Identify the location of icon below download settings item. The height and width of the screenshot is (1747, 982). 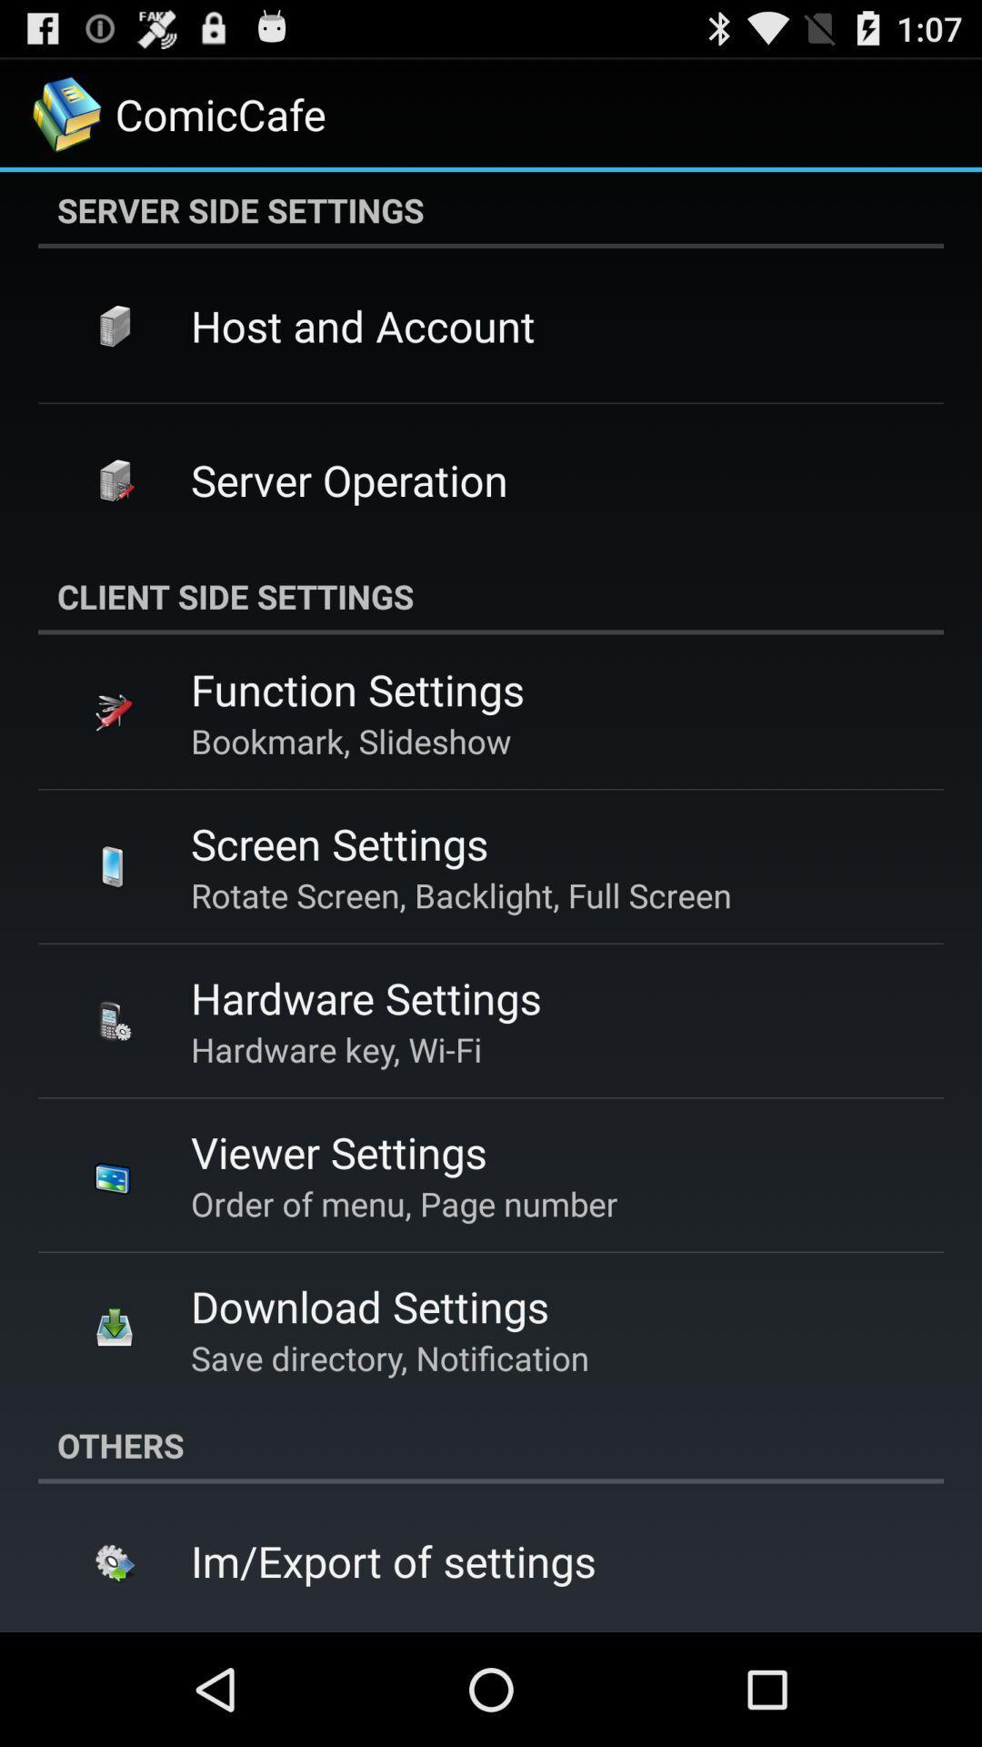
(388, 1358).